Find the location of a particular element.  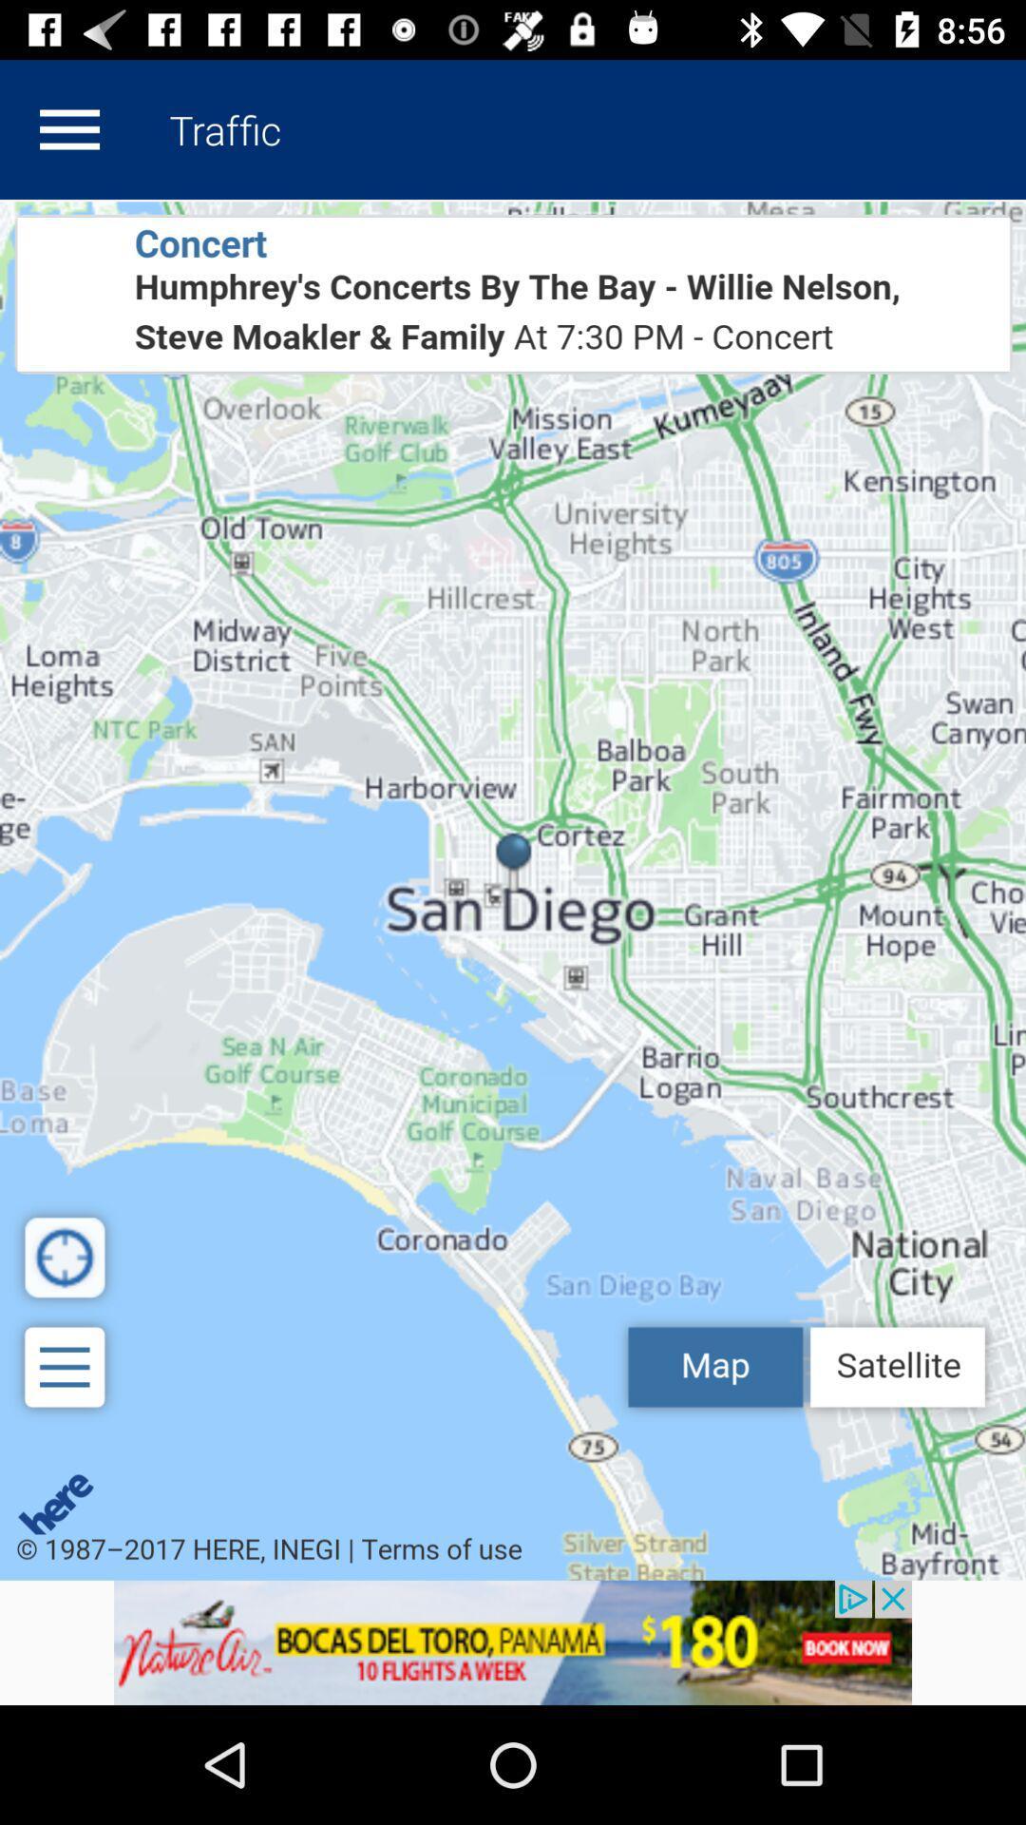

open menu is located at coordinates (68, 128).